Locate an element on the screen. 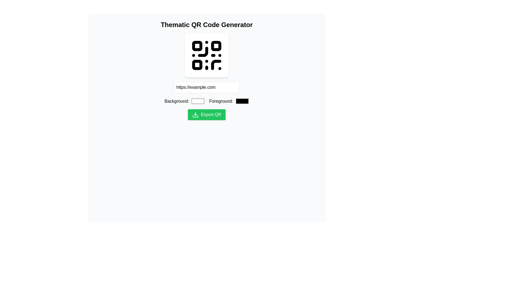 This screenshot has height=295, width=525. the Graphical Icon Component that serves as a base for the download icon, located to the left of the 'Export QR' button, directly below the arrowhead is located at coordinates (195, 116).